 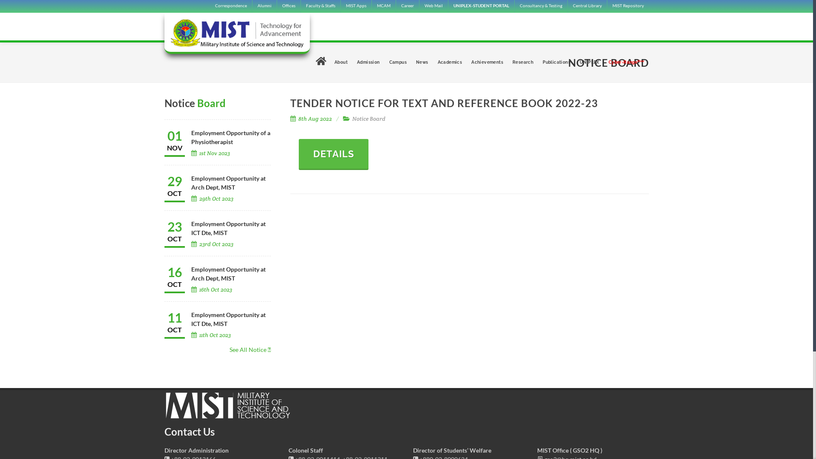 I want to click on 'Achievements', so click(x=487, y=62).